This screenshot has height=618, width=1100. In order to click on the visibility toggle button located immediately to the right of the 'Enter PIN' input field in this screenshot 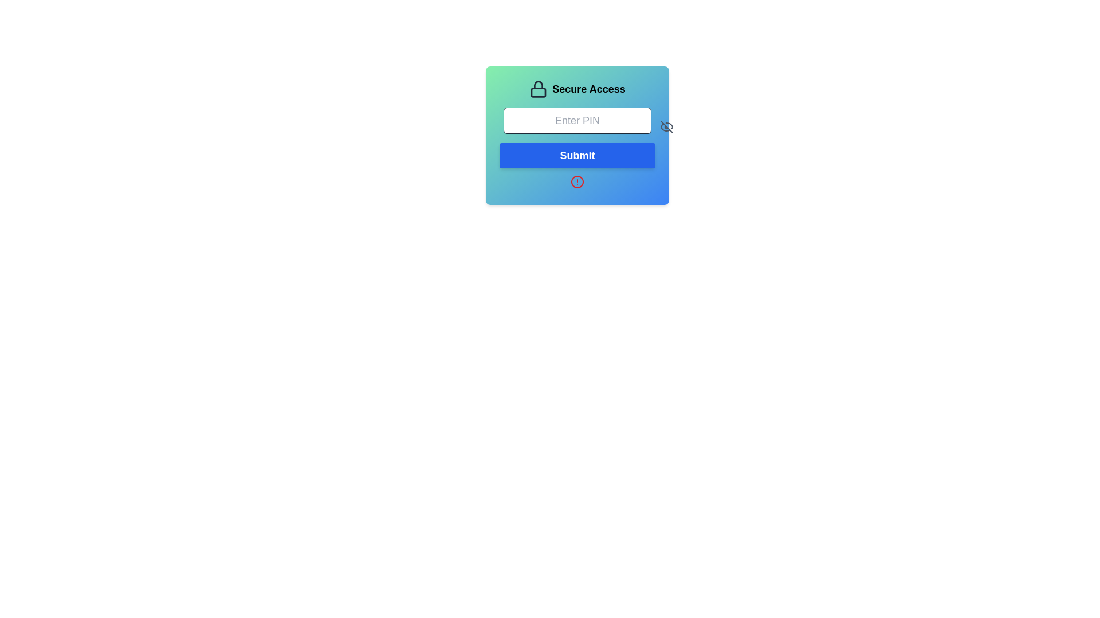, I will do `click(666, 127)`.